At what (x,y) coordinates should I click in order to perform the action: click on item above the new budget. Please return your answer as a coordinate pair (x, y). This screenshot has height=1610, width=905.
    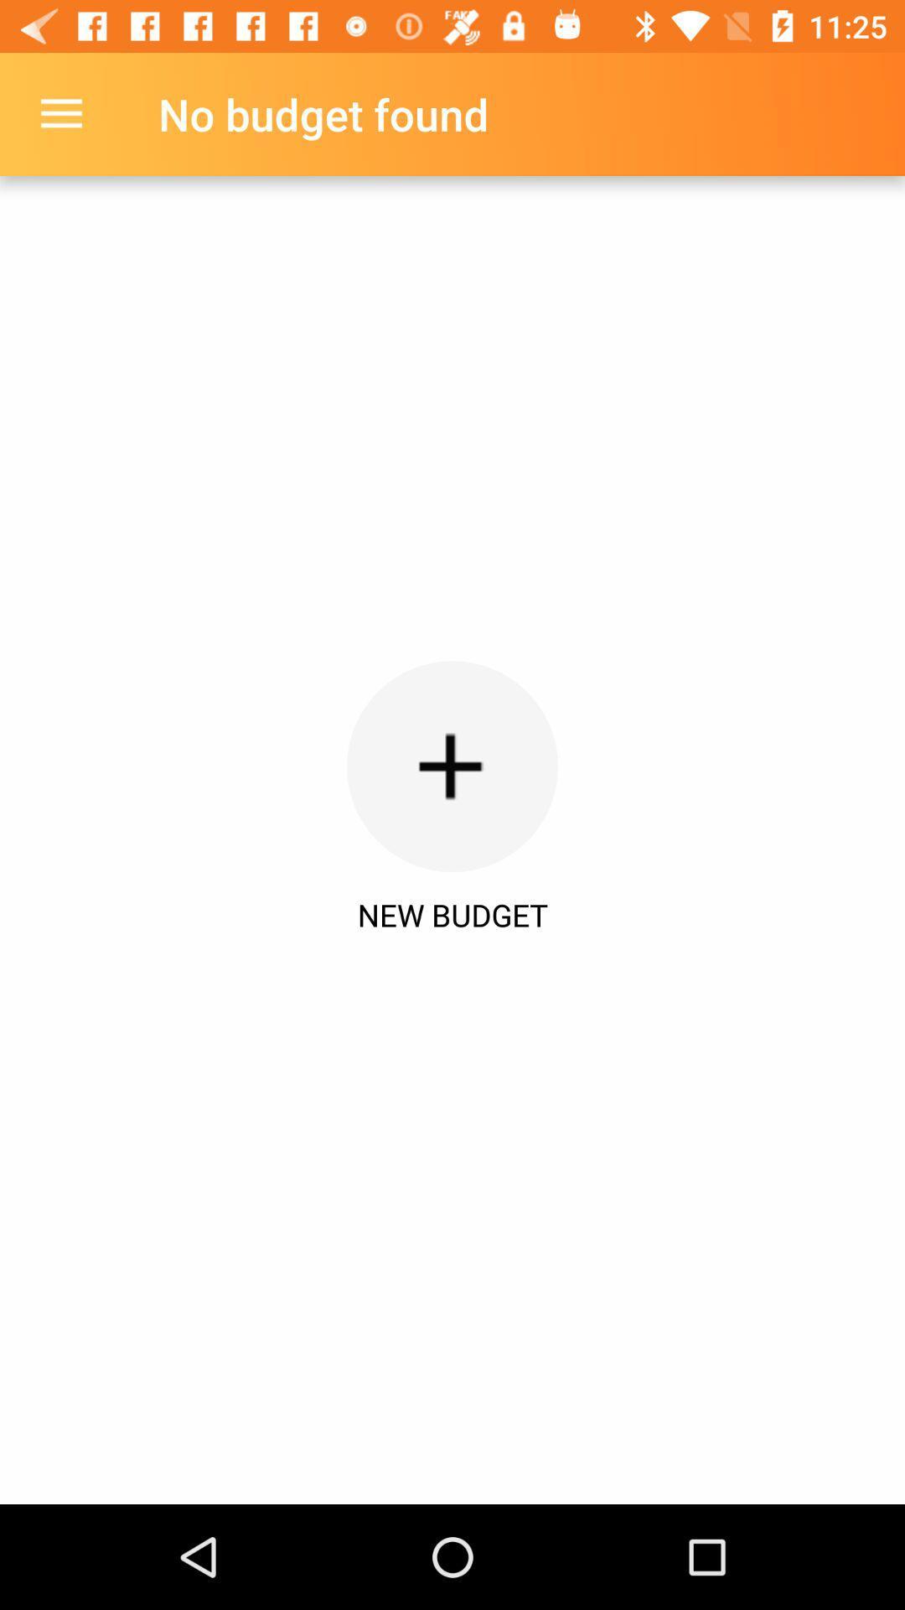
    Looking at the image, I should click on (60, 113).